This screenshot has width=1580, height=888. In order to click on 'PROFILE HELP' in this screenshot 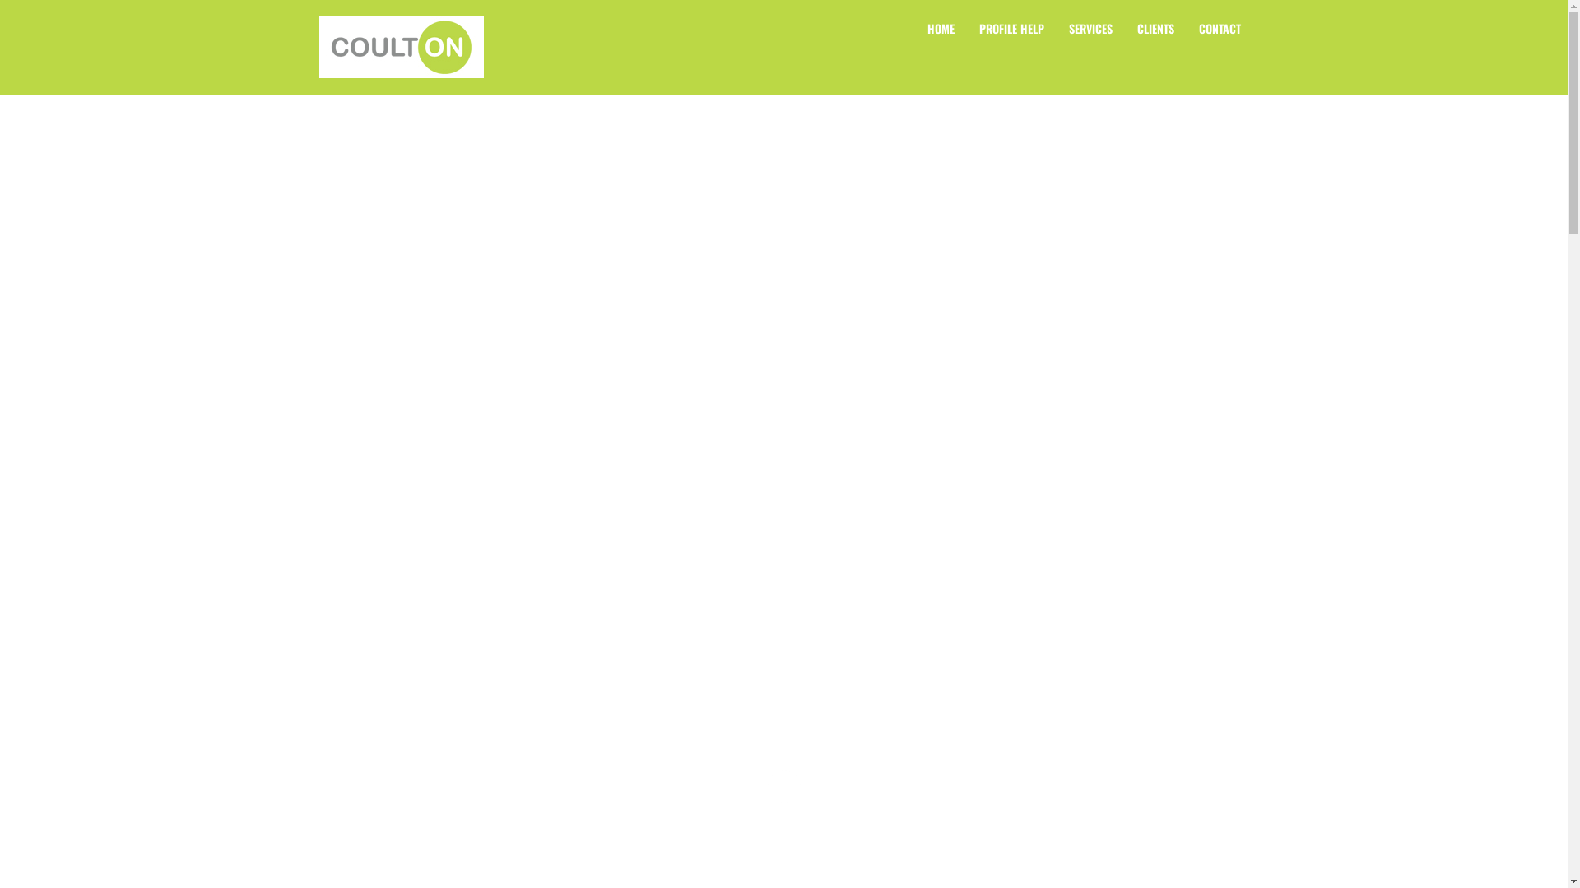, I will do `click(1010, 28)`.